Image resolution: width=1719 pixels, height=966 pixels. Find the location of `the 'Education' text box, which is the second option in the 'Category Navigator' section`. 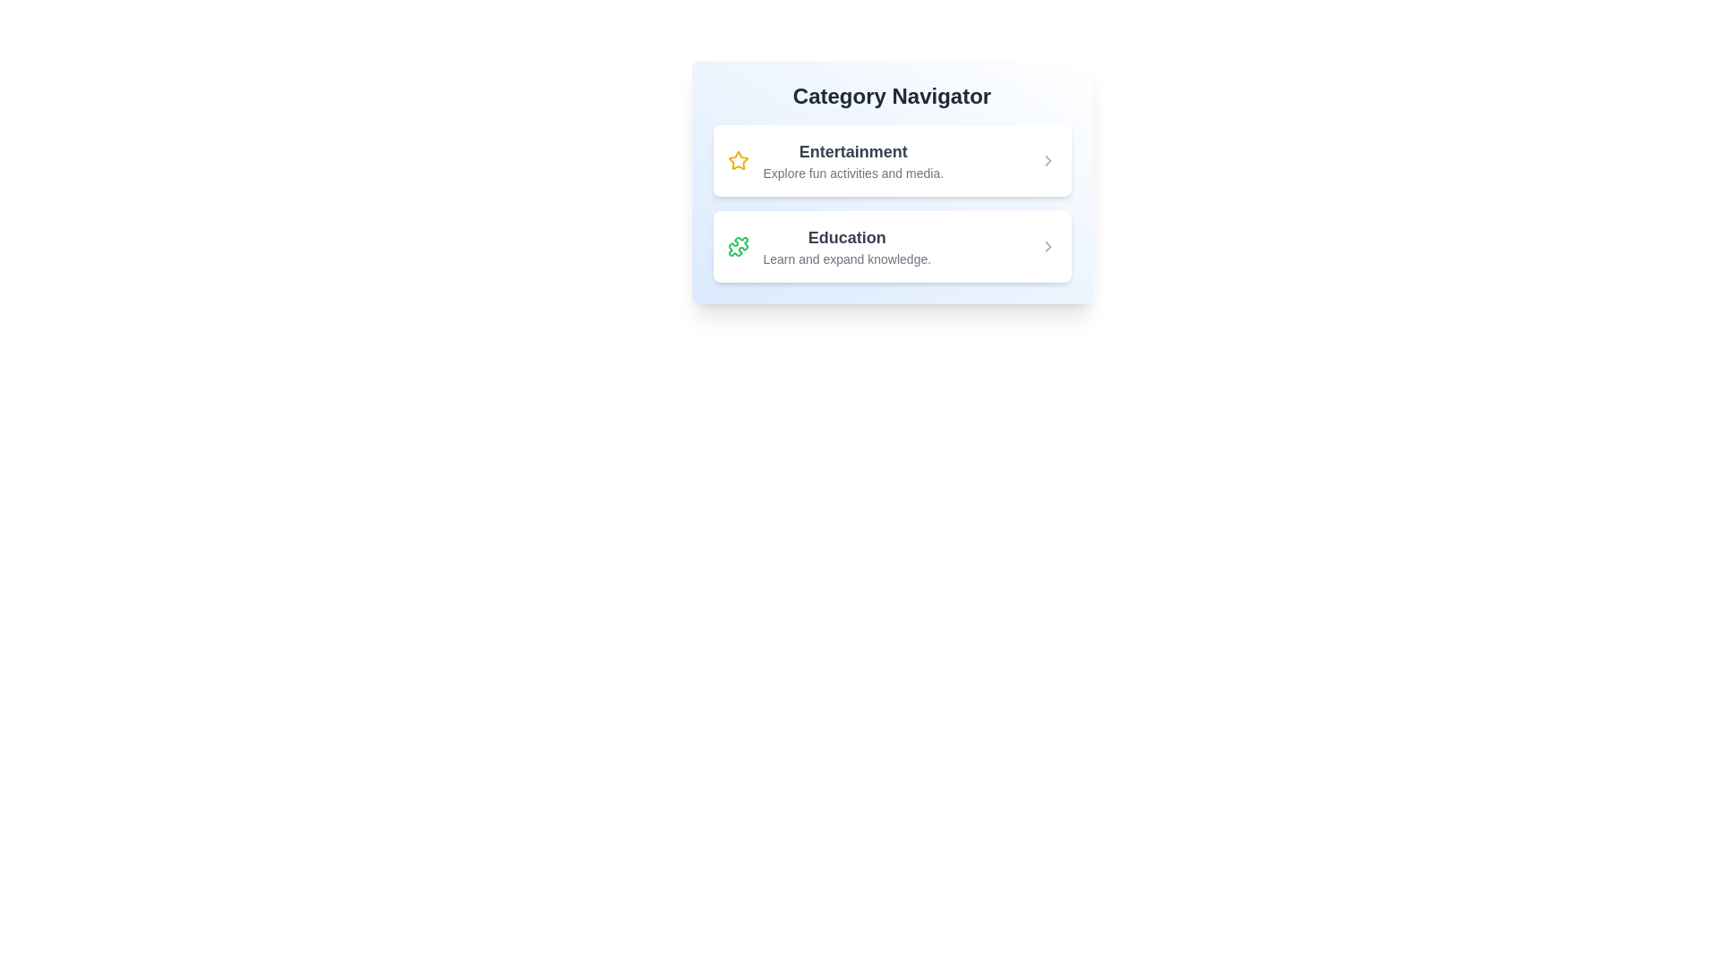

the 'Education' text box, which is the second option in the 'Category Navigator' section is located at coordinates (846, 247).